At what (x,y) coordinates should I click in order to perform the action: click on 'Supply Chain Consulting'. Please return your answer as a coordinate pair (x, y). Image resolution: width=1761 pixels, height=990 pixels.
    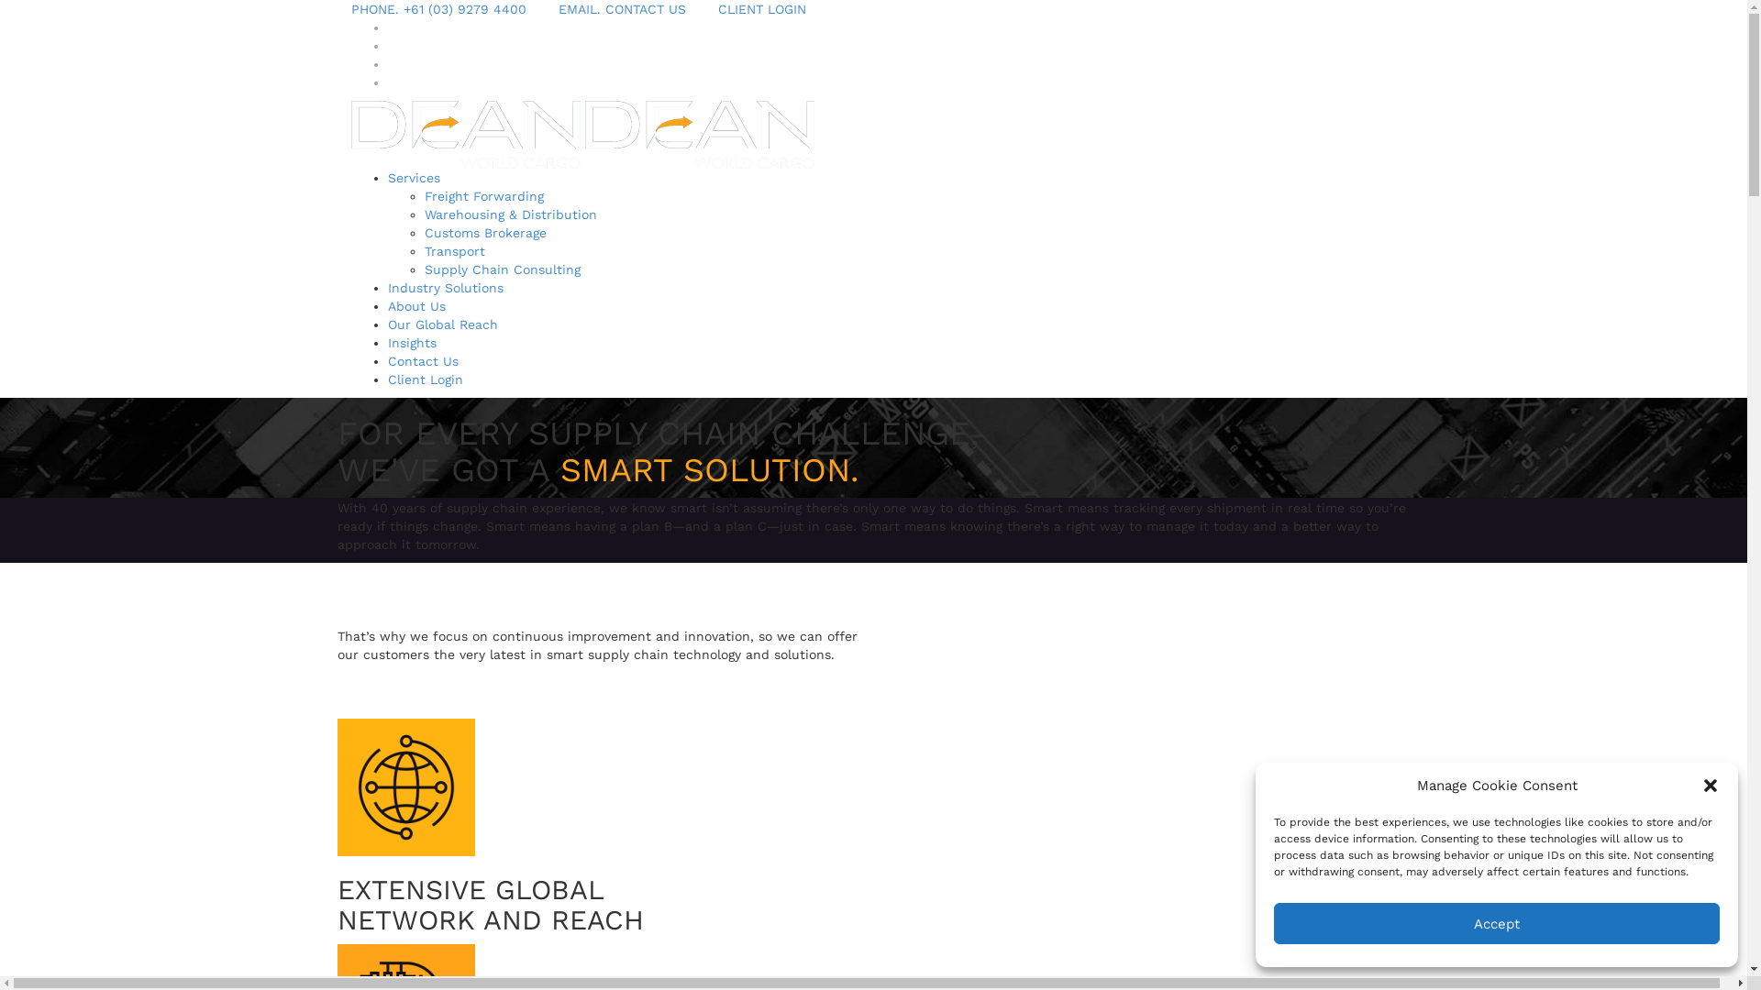
    Looking at the image, I should click on (422, 269).